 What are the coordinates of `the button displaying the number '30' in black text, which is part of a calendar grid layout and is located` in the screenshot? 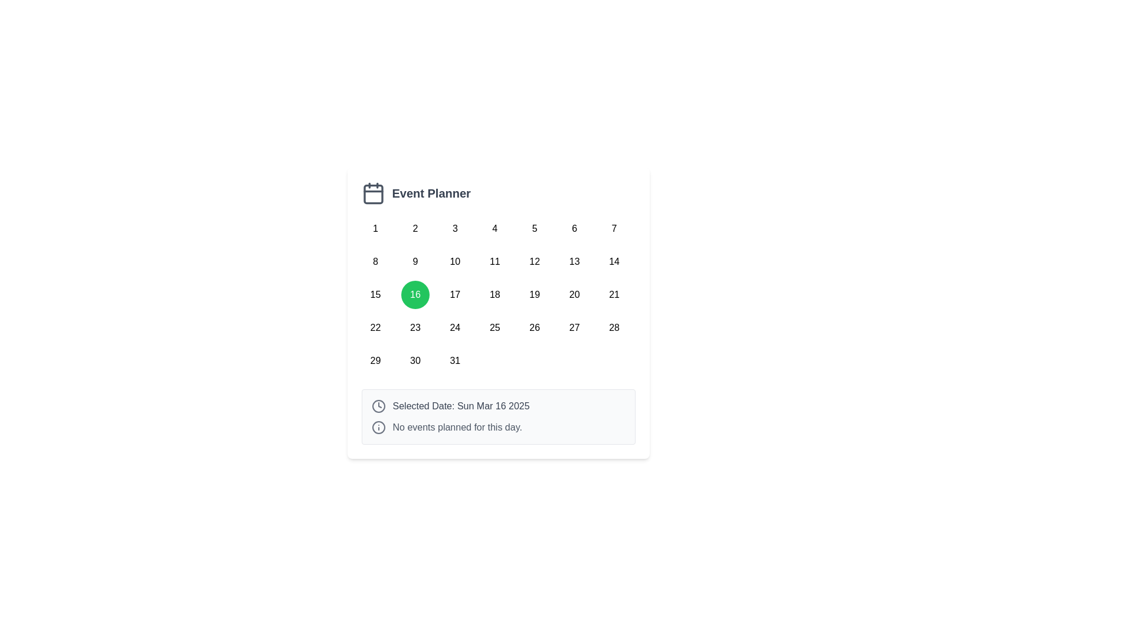 It's located at (415, 360).